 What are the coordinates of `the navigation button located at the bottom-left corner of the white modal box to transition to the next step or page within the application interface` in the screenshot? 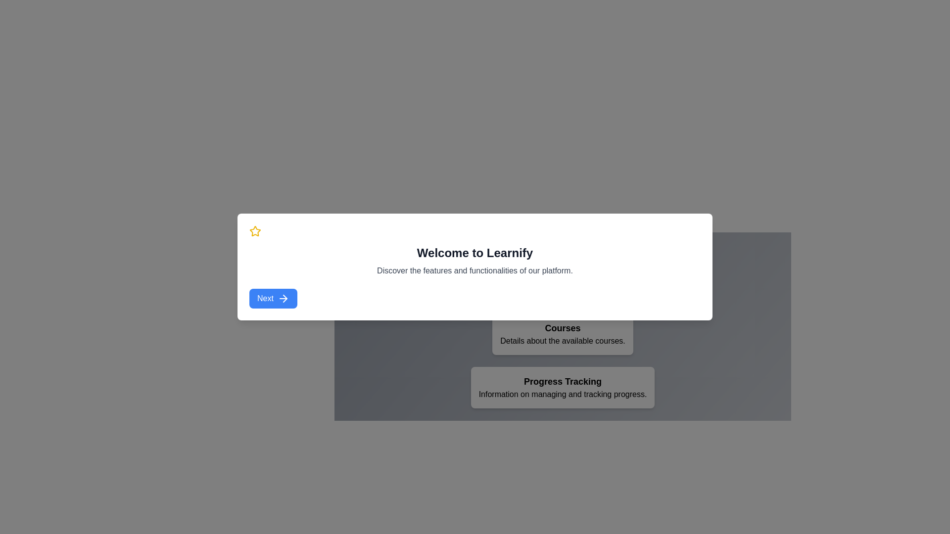 It's located at (273, 298).